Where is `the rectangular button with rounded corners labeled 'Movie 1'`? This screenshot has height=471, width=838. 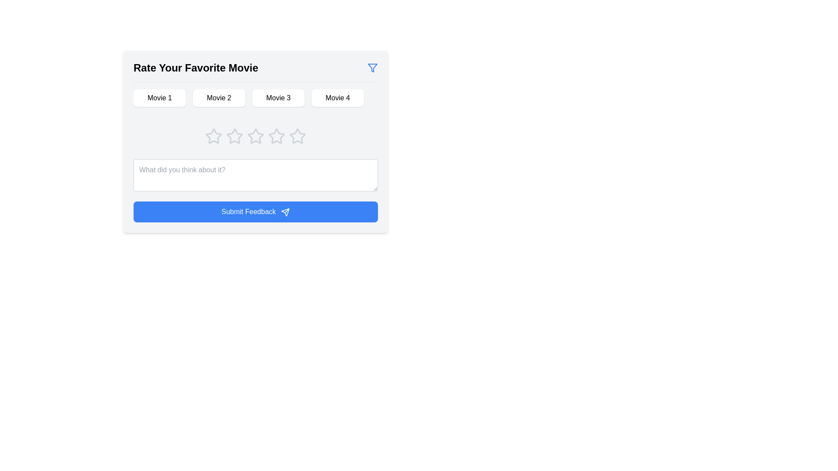 the rectangular button with rounded corners labeled 'Movie 1' is located at coordinates (159, 98).